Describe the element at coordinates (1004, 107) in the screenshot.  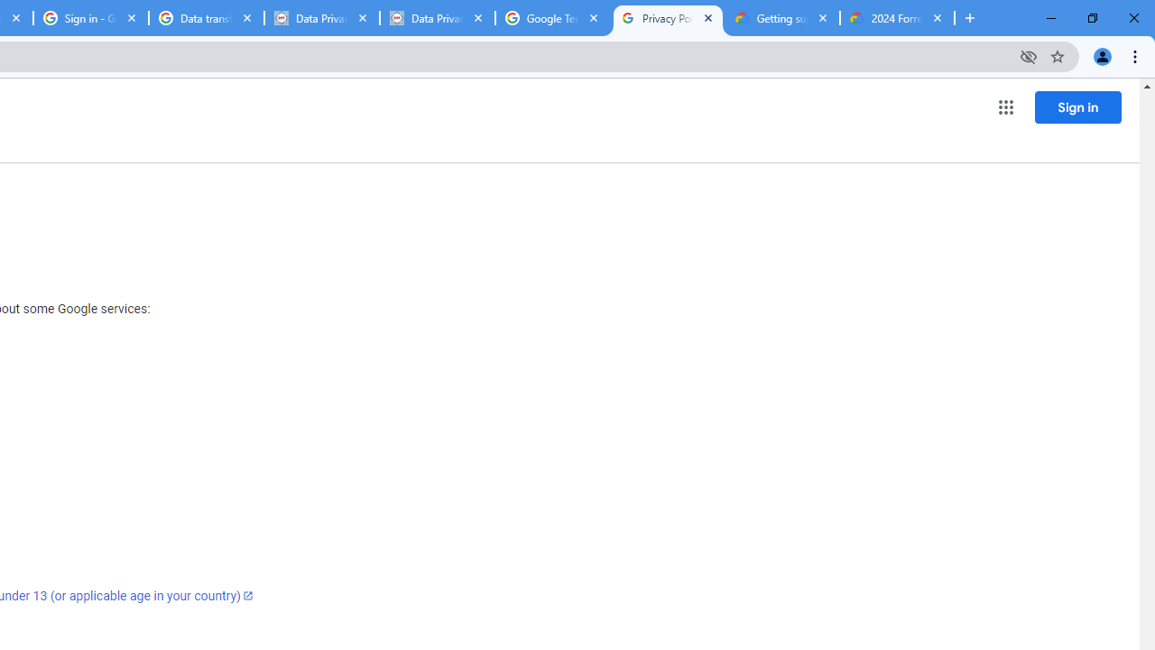
I see `'Google apps'` at that location.